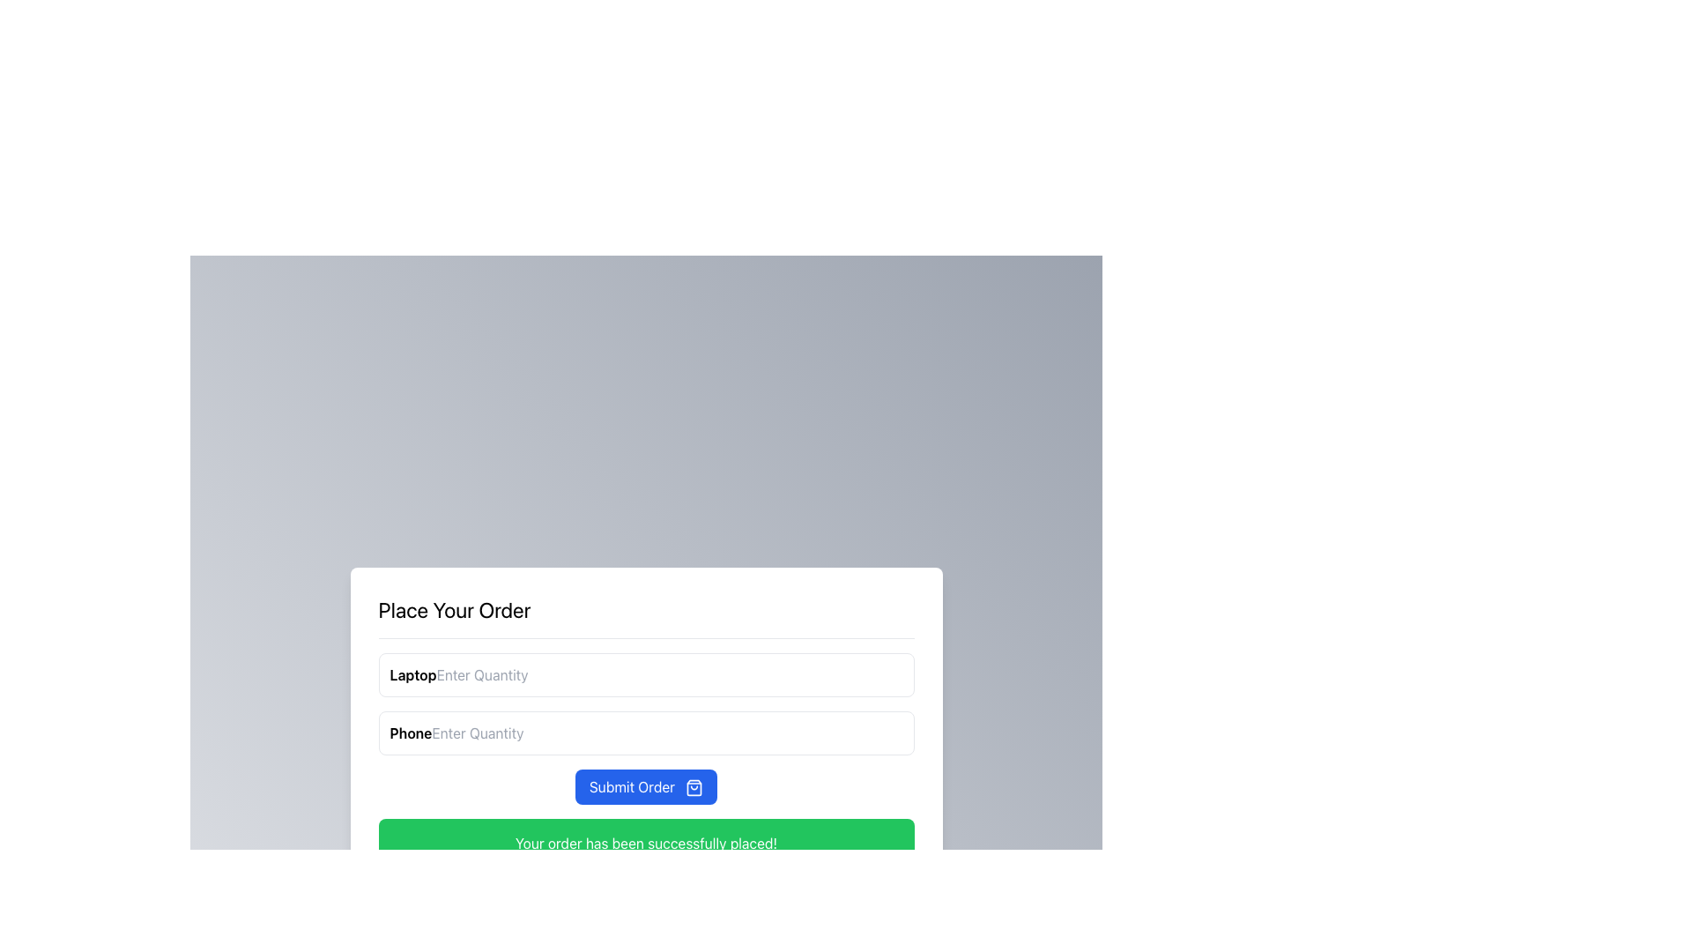  Describe the element at coordinates (694, 787) in the screenshot. I see `the graphical icon component of the shopping bag located to the right of the 'Submit Order' button by clicking on it` at that location.